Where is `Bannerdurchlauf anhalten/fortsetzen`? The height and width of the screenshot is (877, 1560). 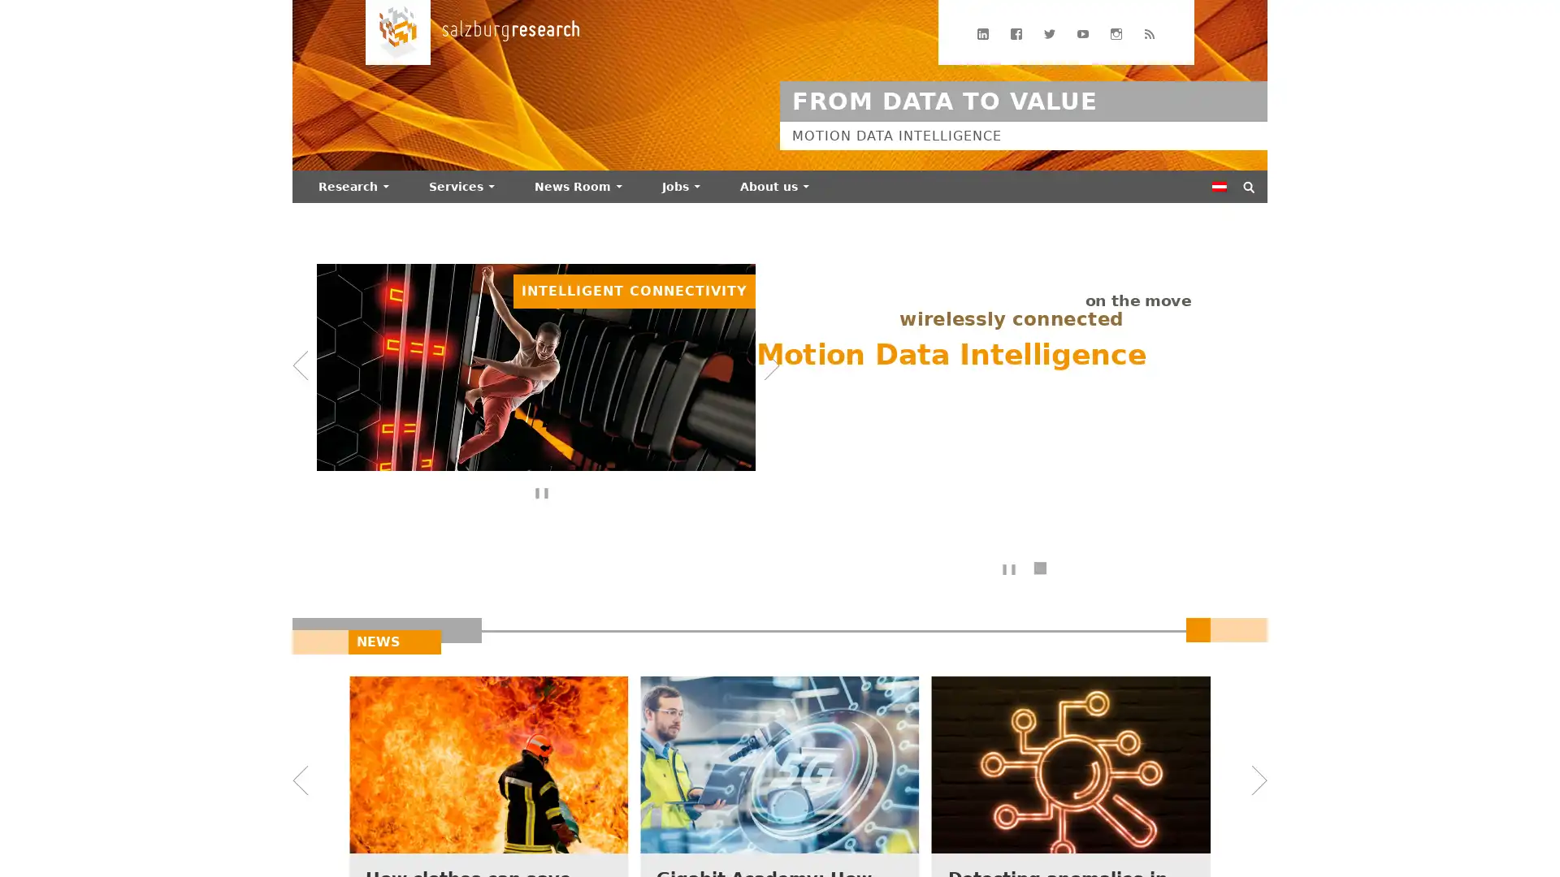 Bannerdurchlauf anhalten/fortsetzen is located at coordinates (542, 490).